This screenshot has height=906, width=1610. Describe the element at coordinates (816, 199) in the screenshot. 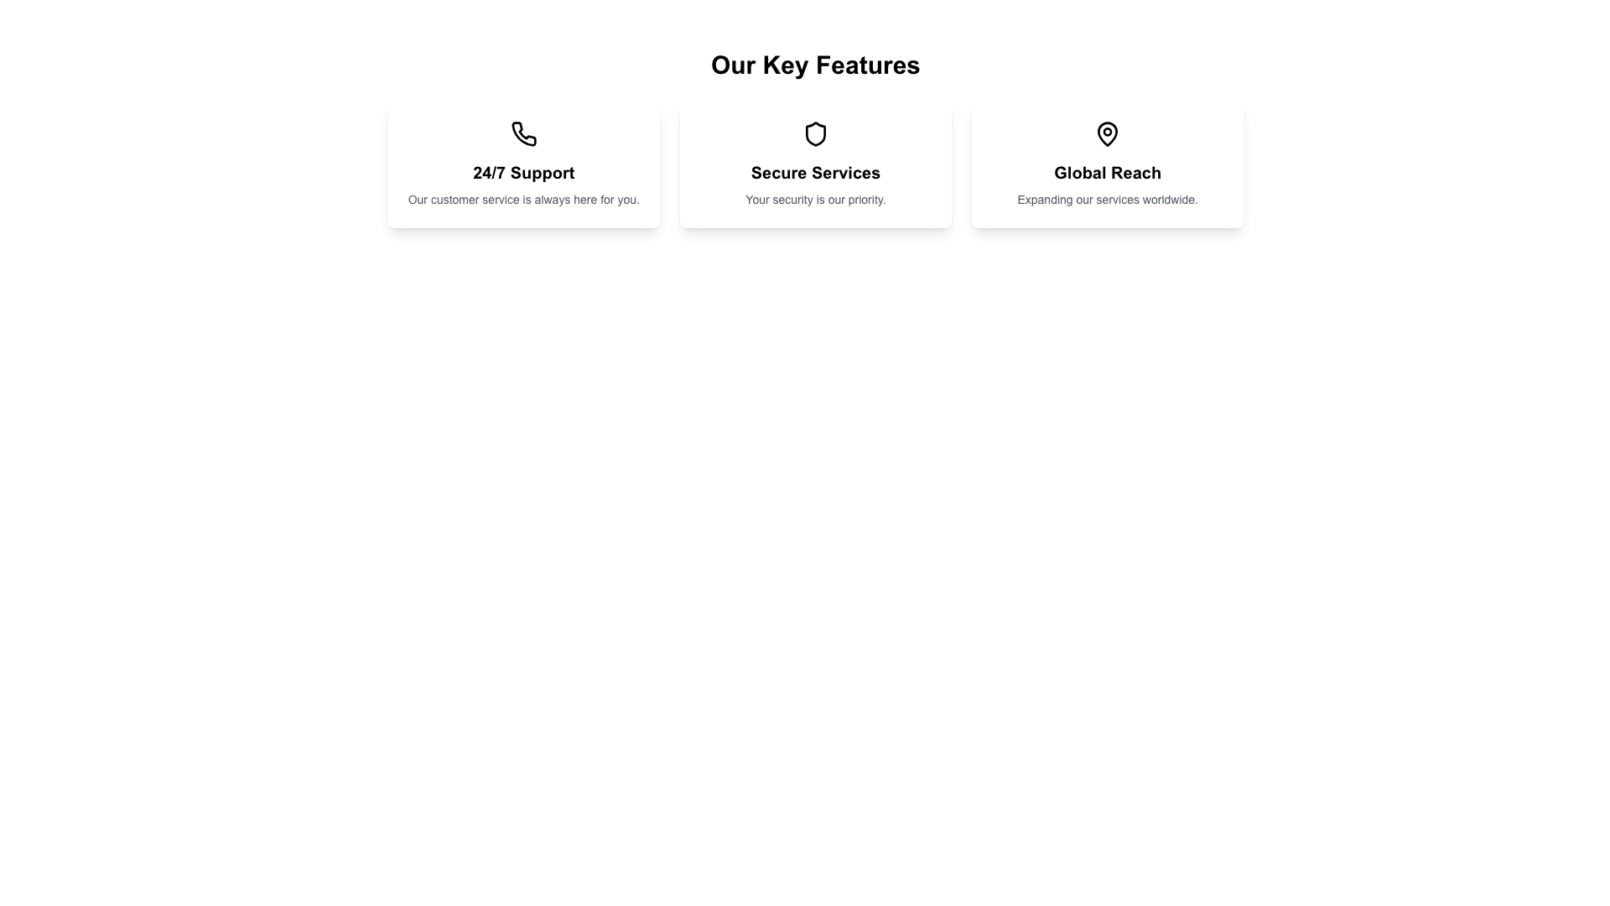

I see `the Text Label element that contains the phrase 'Your security is our priority.' which is located below the 'Secure Services' title text and shield icon in the center card of the interface` at that location.